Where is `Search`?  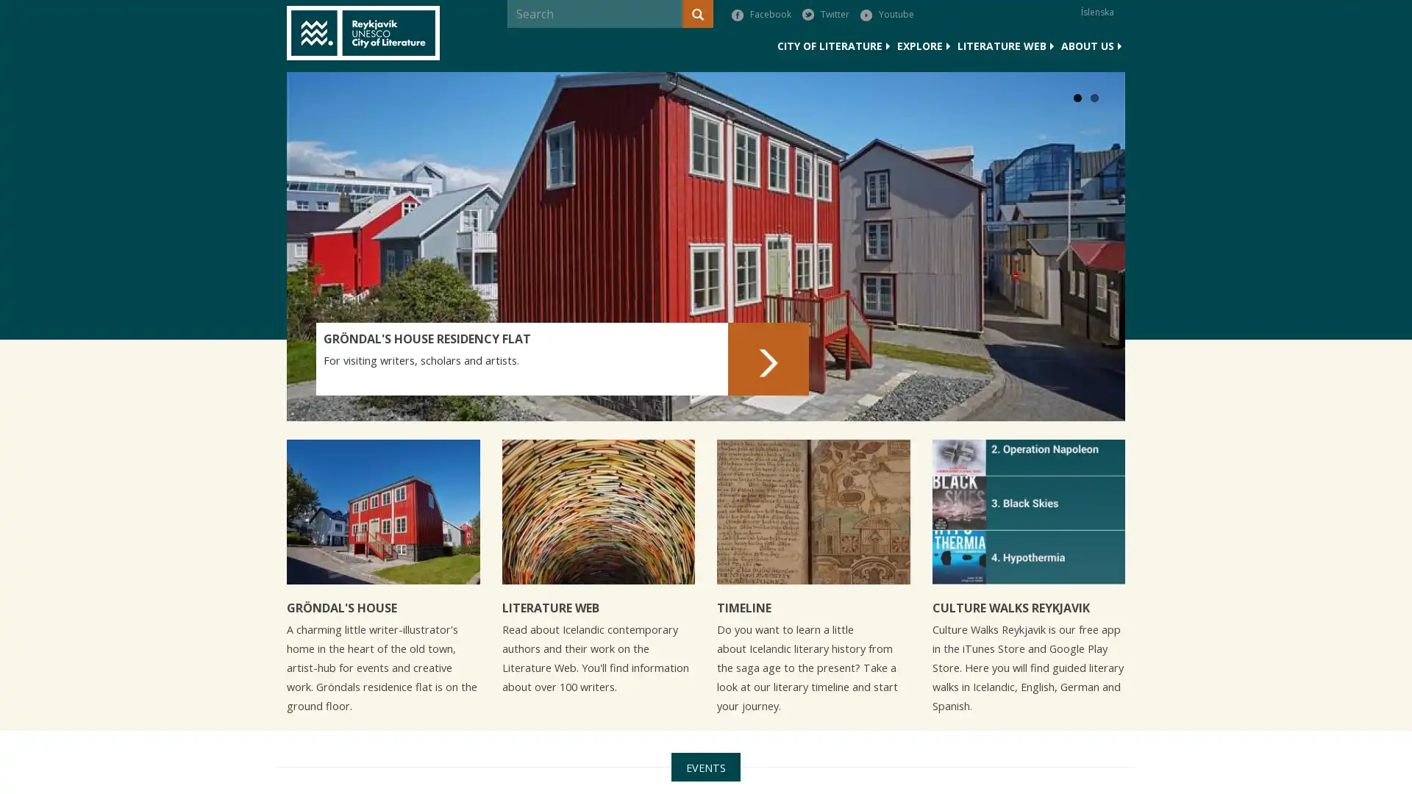
Search is located at coordinates (508, 41).